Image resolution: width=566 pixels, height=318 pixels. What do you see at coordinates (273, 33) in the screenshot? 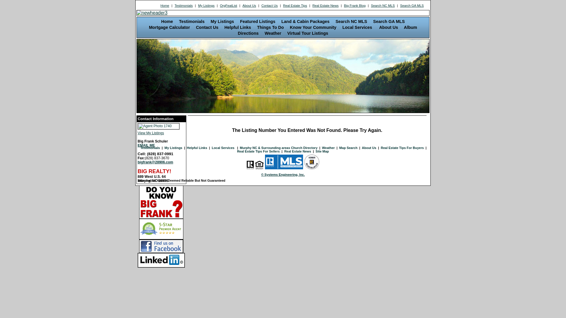
I see `'Weather'` at bounding box center [273, 33].